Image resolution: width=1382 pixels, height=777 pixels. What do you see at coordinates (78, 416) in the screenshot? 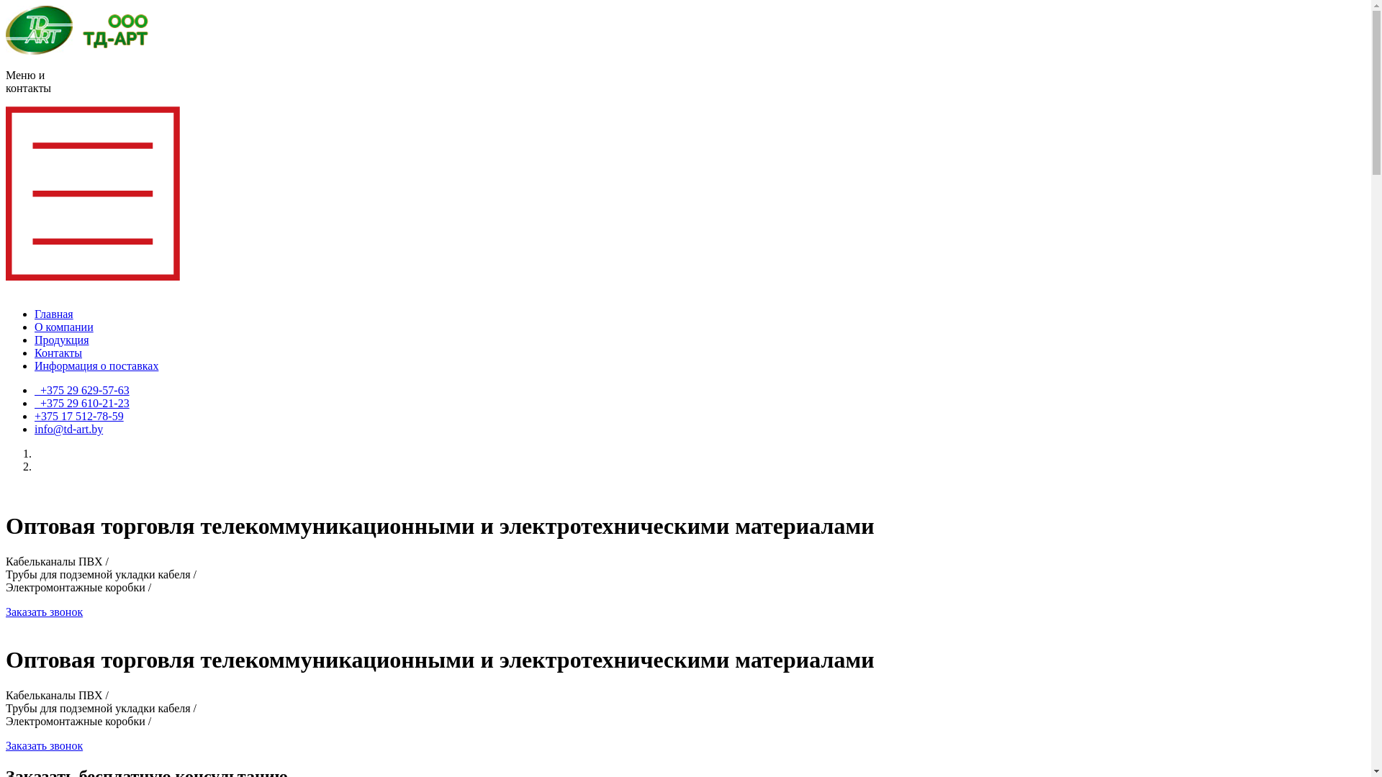
I see `'+375 17 512-78-59'` at bounding box center [78, 416].